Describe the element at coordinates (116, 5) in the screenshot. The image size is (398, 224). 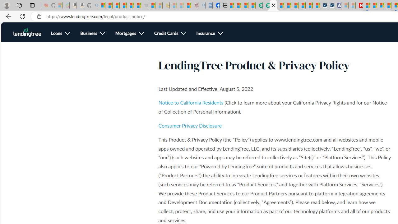
I see `'The Weather Channel - MSN'` at that location.